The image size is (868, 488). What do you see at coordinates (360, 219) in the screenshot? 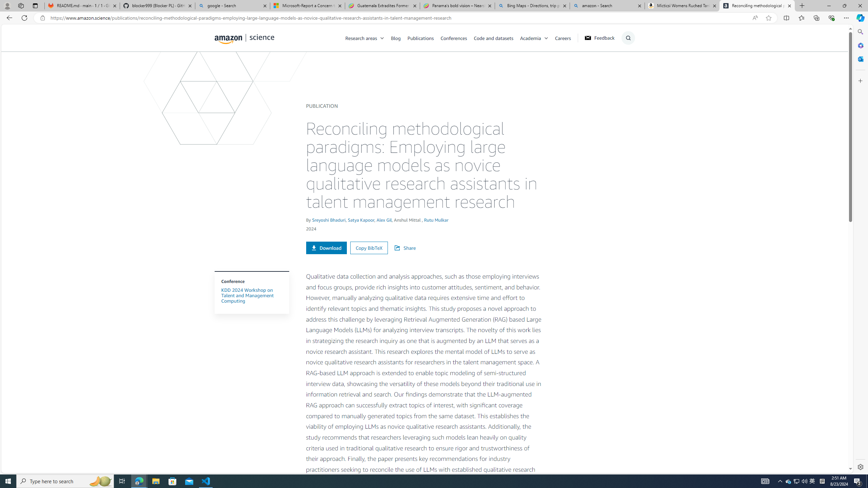
I see `'Satya Kapoor'` at bounding box center [360, 219].